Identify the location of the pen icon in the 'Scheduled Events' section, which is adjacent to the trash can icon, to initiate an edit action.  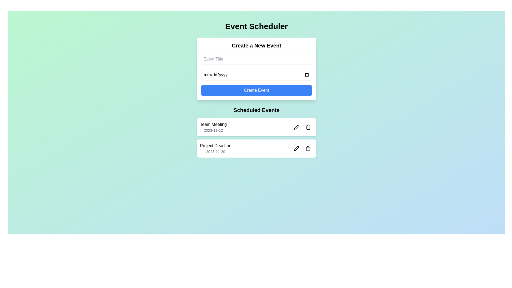
(296, 127).